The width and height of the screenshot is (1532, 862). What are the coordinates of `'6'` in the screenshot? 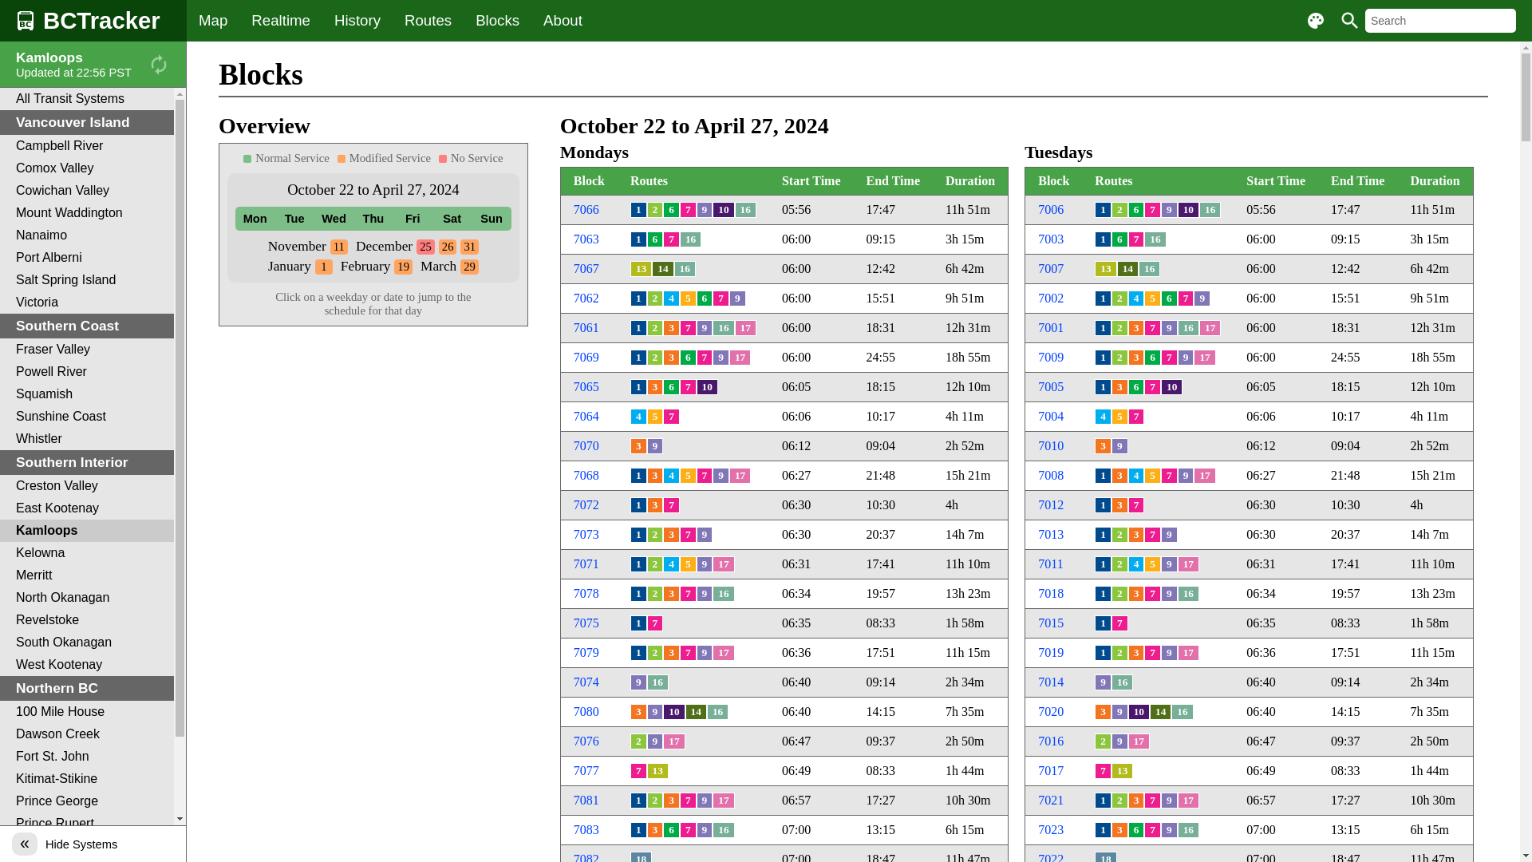 It's located at (671, 208).